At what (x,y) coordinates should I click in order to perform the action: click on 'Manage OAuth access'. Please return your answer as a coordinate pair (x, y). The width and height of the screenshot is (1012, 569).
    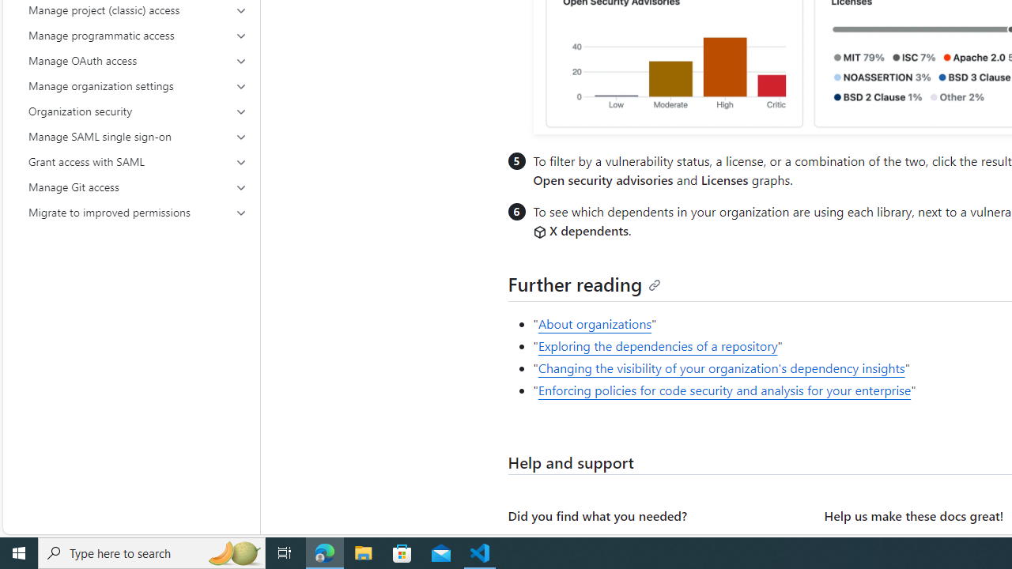
    Looking at the image, I should click on (138, 60).